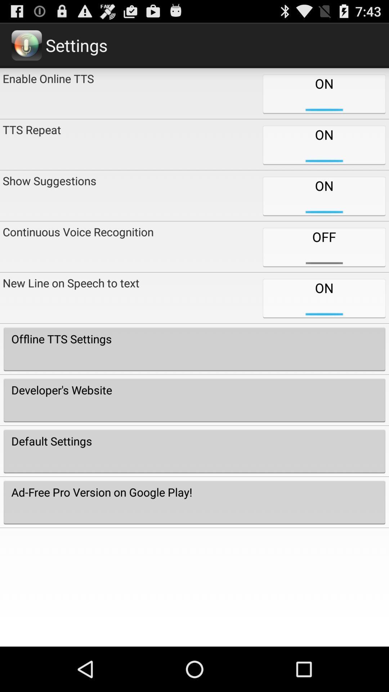  What do you see at coordinates (194, 502) in the screenshot?
I see `icon below the default settings` at bounding box center [194, 502].